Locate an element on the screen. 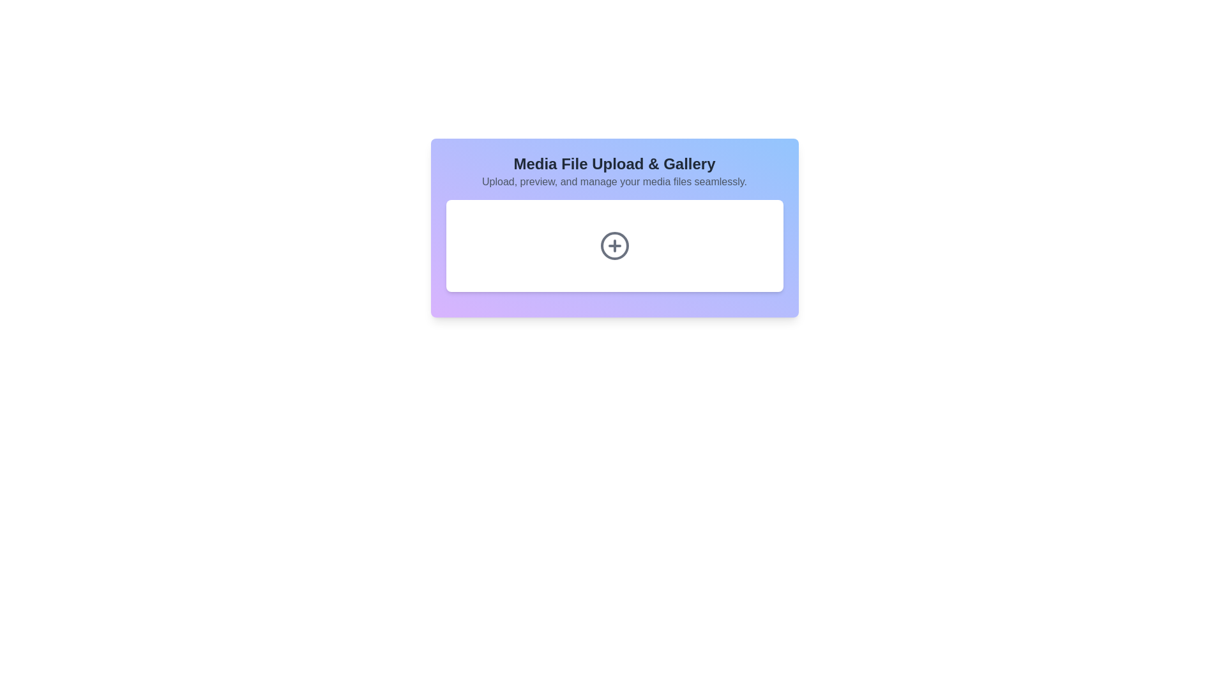 This screenshot has height=690, width=1226. the static text element displaying 'Upload, preview, and manage your media files seamlessly', which is styled with a gray font color and positioned below the title 'Media File Upload & Gallery' is located at coordinates (614, 182).